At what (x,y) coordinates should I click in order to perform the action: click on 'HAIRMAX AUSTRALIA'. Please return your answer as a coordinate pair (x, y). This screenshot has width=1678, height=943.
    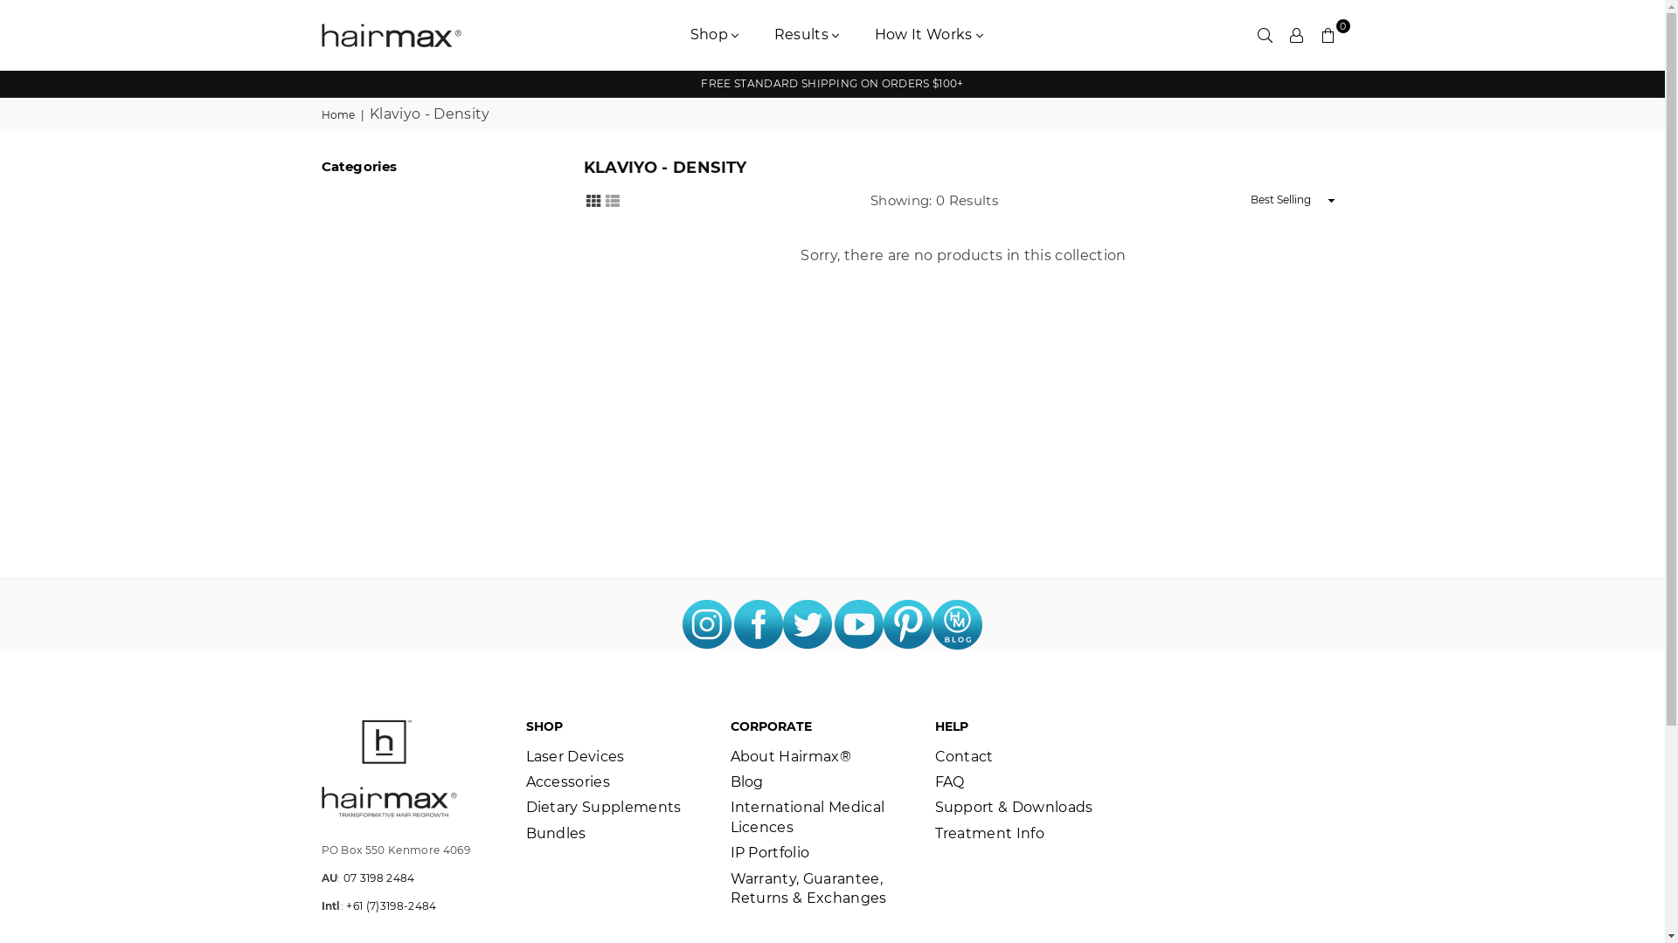
    Looking at the image, I should click on (322, 35).